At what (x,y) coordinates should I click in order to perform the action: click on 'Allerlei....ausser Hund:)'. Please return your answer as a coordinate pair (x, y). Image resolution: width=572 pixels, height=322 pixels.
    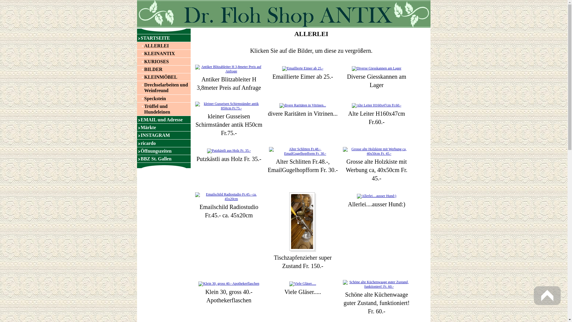
    Looking at the image, I should click on (376, 196).